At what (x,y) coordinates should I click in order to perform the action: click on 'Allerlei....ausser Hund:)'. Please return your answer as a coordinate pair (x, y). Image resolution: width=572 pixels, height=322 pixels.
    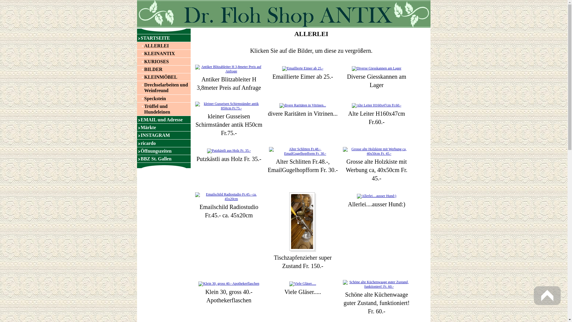
    Looking at the image, I should click on (376, 196).